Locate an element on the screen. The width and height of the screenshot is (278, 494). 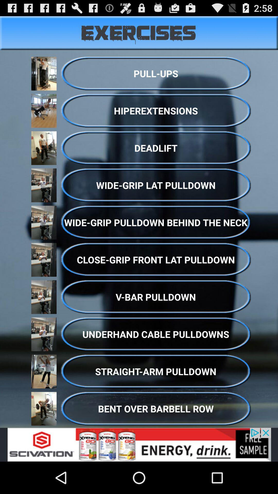
open advertisement is located at coordinates (139, 444).